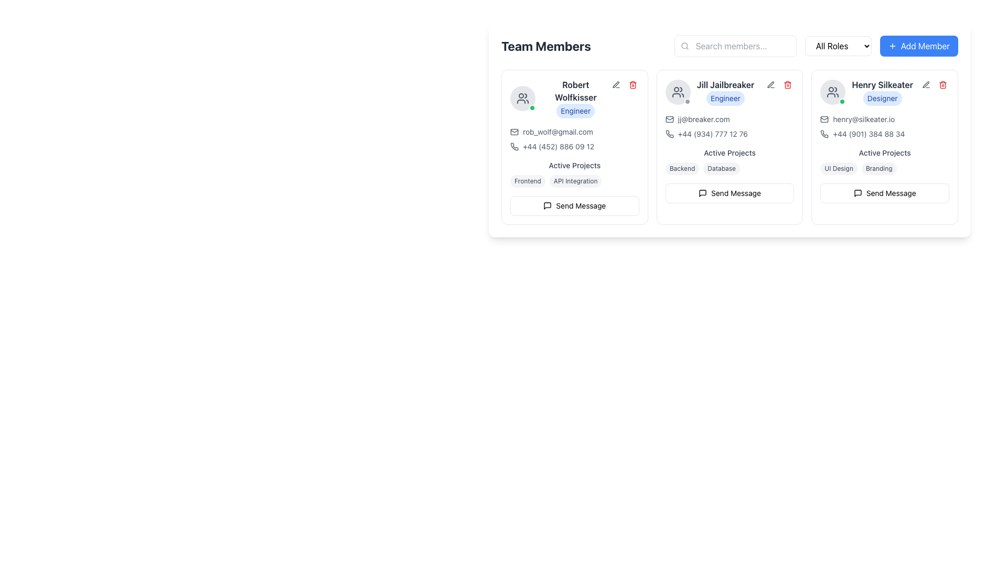 Image resolution: width=1007 pixels, height=566 pixels. What do you see at coordinates (729, 193) in the screenshot?
I see `the 'Send Message' button with a speech bubble icon located at the bottom of Jill Jailbreaker's profile card to send a message` at bounding box center [729, 193].